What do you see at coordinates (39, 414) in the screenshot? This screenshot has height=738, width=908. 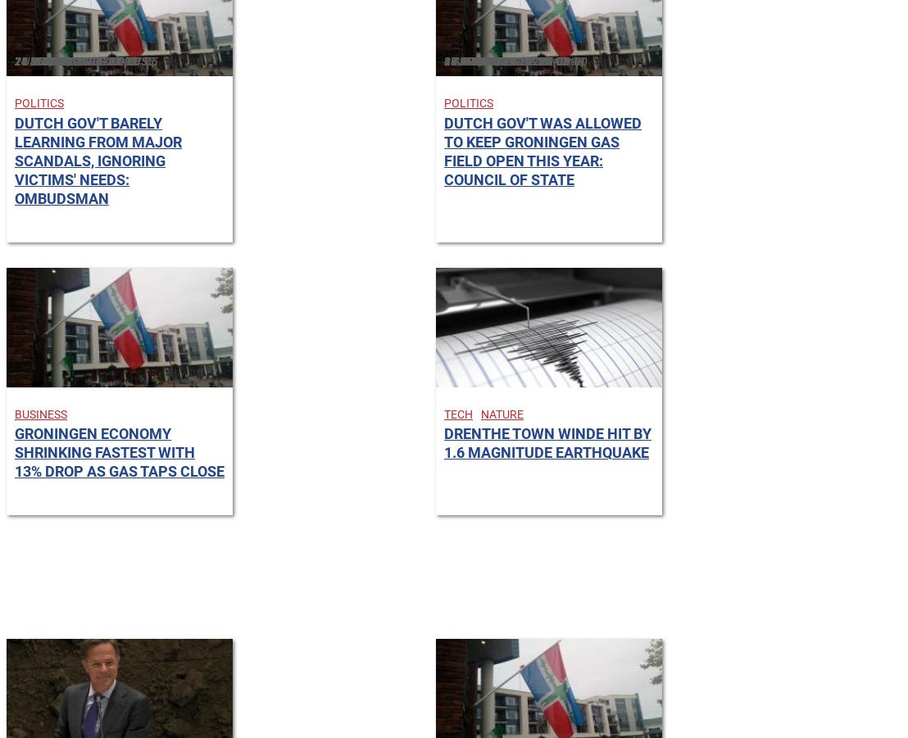 I see `'Business'` at bounding box center [39, 414].